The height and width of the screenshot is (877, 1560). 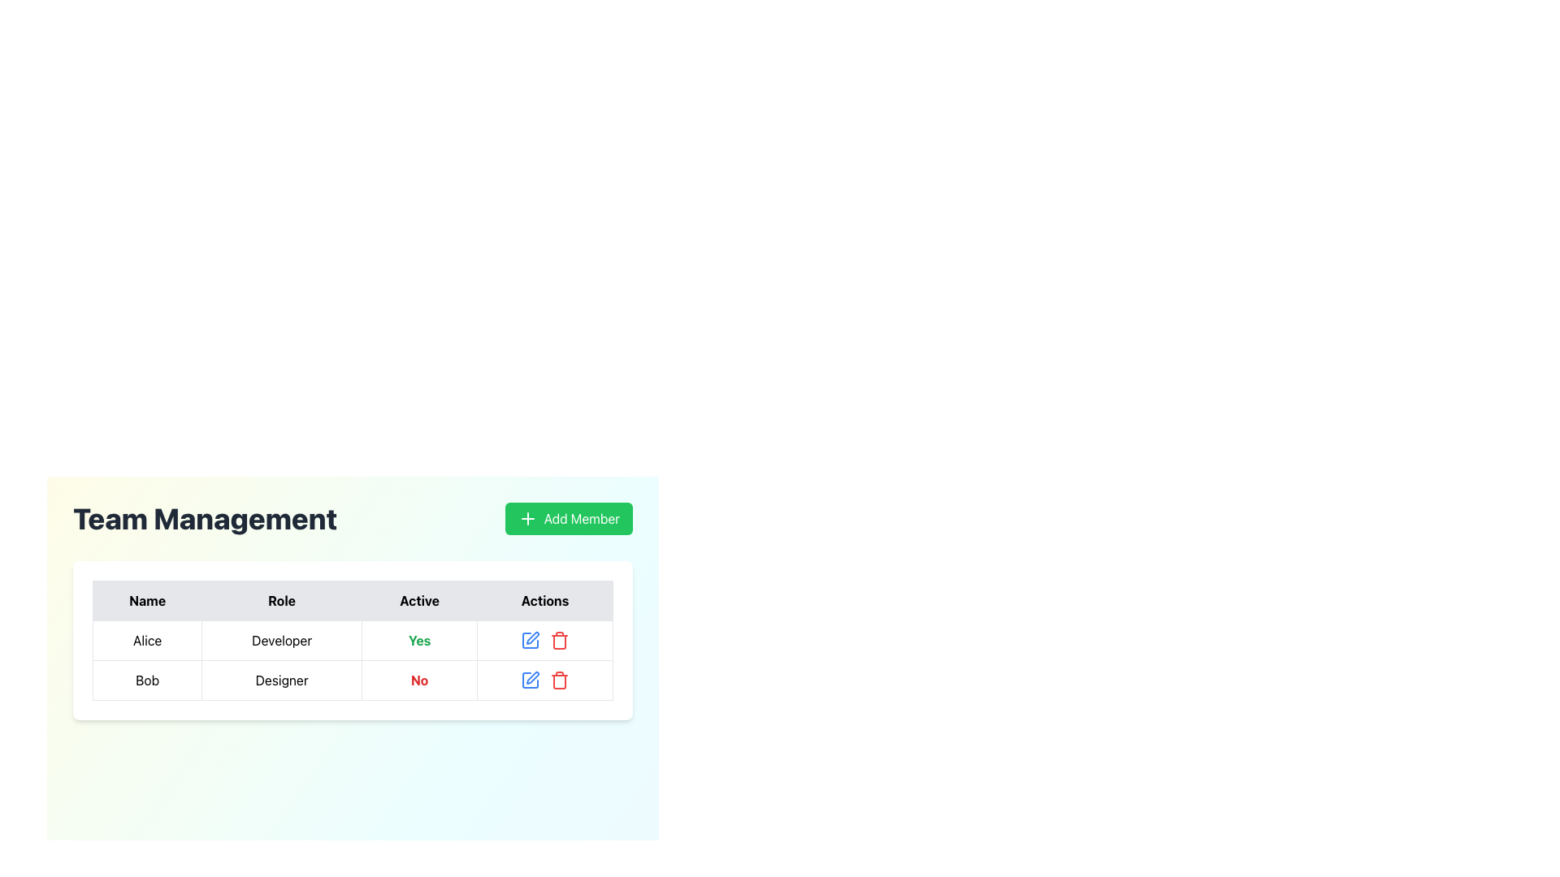 What do you see at coordinates (147, 640) in the screenshot?
I see `the team member's name label located in the first row and first column of the table in the 'Name' column, which serves an informational purpose` at bounding box center [147, 640].